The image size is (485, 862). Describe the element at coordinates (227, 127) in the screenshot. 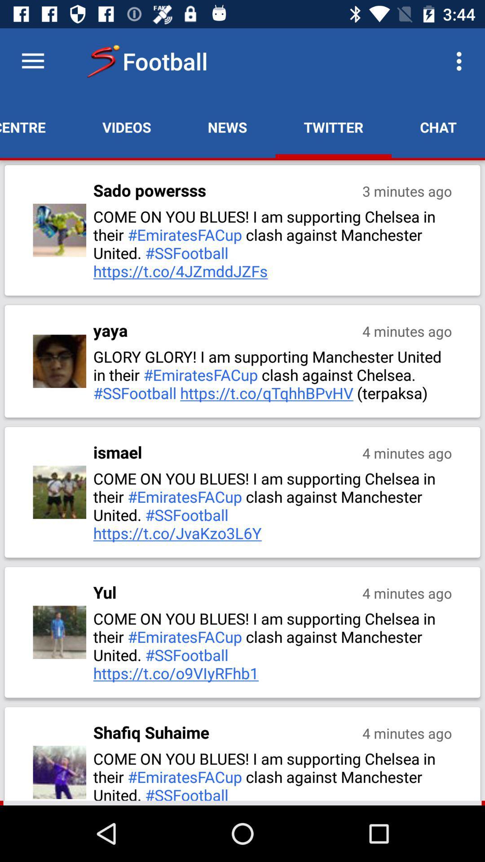

I see `the icon below football` at that location.